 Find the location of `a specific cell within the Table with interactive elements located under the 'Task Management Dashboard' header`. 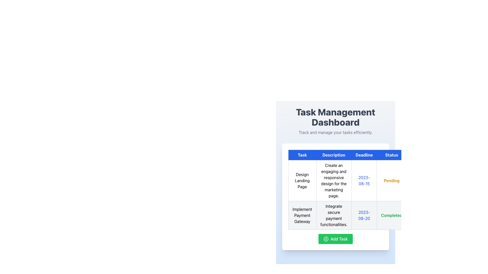

a specific cell within the Table with interactive elements located under the 'Task Management Dashboard' header is located at coordinates (335, 196).